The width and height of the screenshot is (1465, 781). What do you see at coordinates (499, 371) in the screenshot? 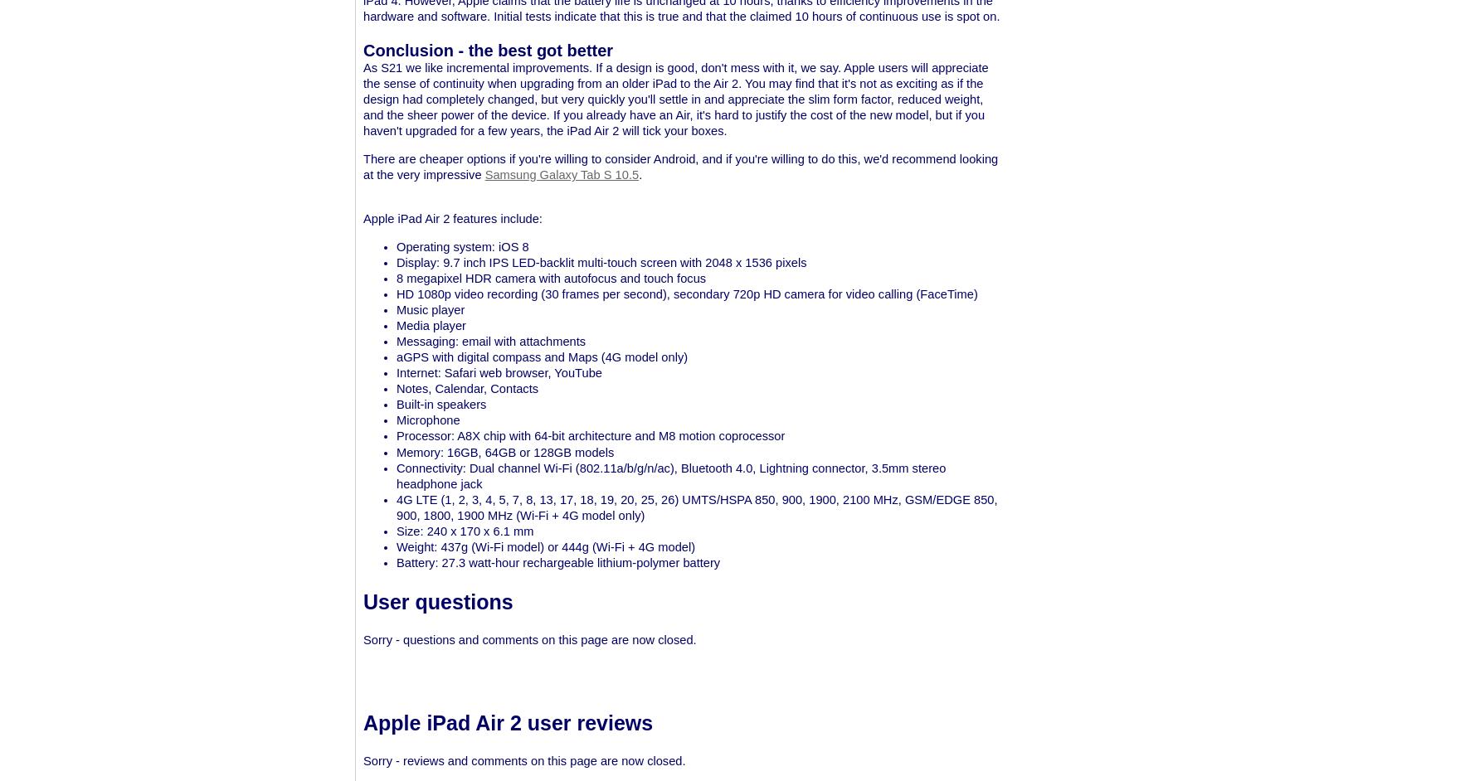
I see `'Internet: Safari web browser, YouTube'` at bounding box center [499, 371].